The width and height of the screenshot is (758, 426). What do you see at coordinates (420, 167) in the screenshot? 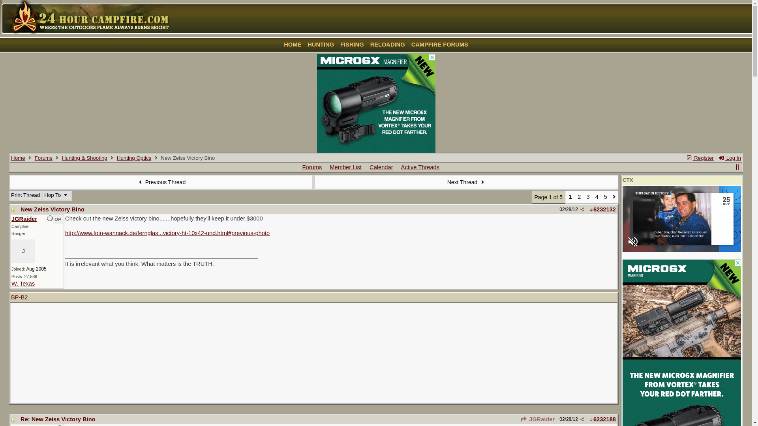
I see `'Active Threads'` at bounding box center [420, 167].